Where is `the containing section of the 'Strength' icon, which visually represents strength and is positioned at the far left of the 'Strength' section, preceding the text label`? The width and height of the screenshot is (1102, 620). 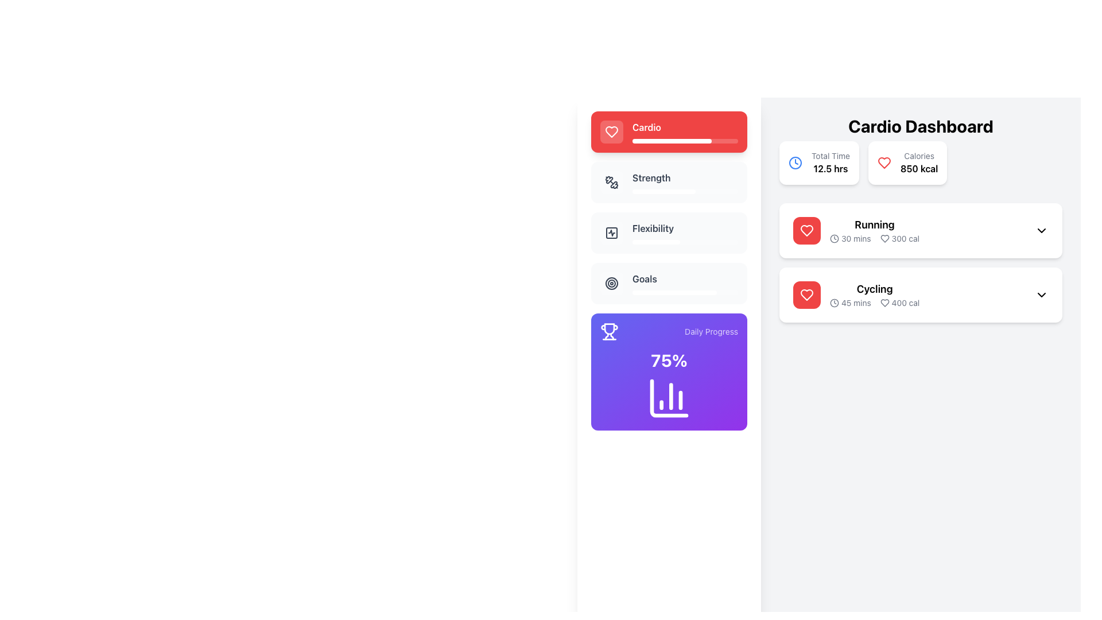
the containing section of the 'Strength' icon, which visually represents strength and is positioned at the far left of the 'Strength' section, preceding the text label is located at coordinates (611, 181).